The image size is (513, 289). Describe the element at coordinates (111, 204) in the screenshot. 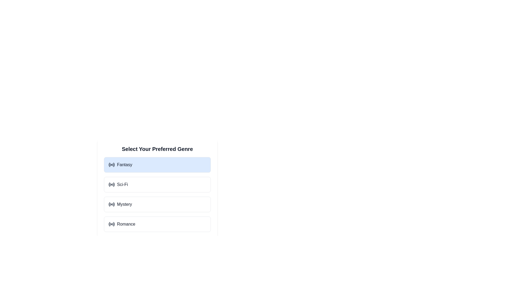

I see `the radio button icon` at that location.